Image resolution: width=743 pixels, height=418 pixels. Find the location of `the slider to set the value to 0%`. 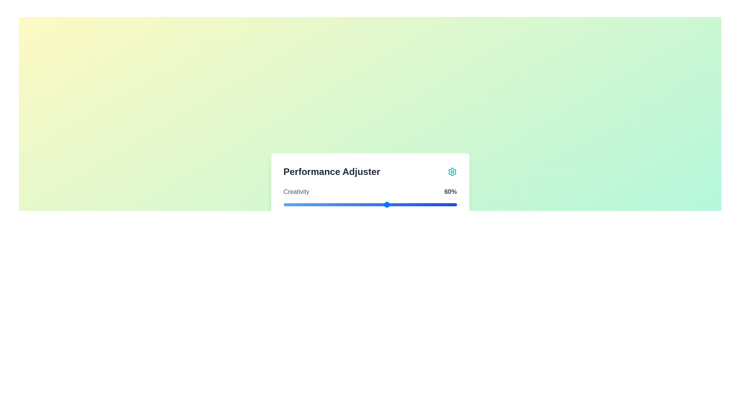

the slider to set the value to 0% is located at coordinates (283, 204).